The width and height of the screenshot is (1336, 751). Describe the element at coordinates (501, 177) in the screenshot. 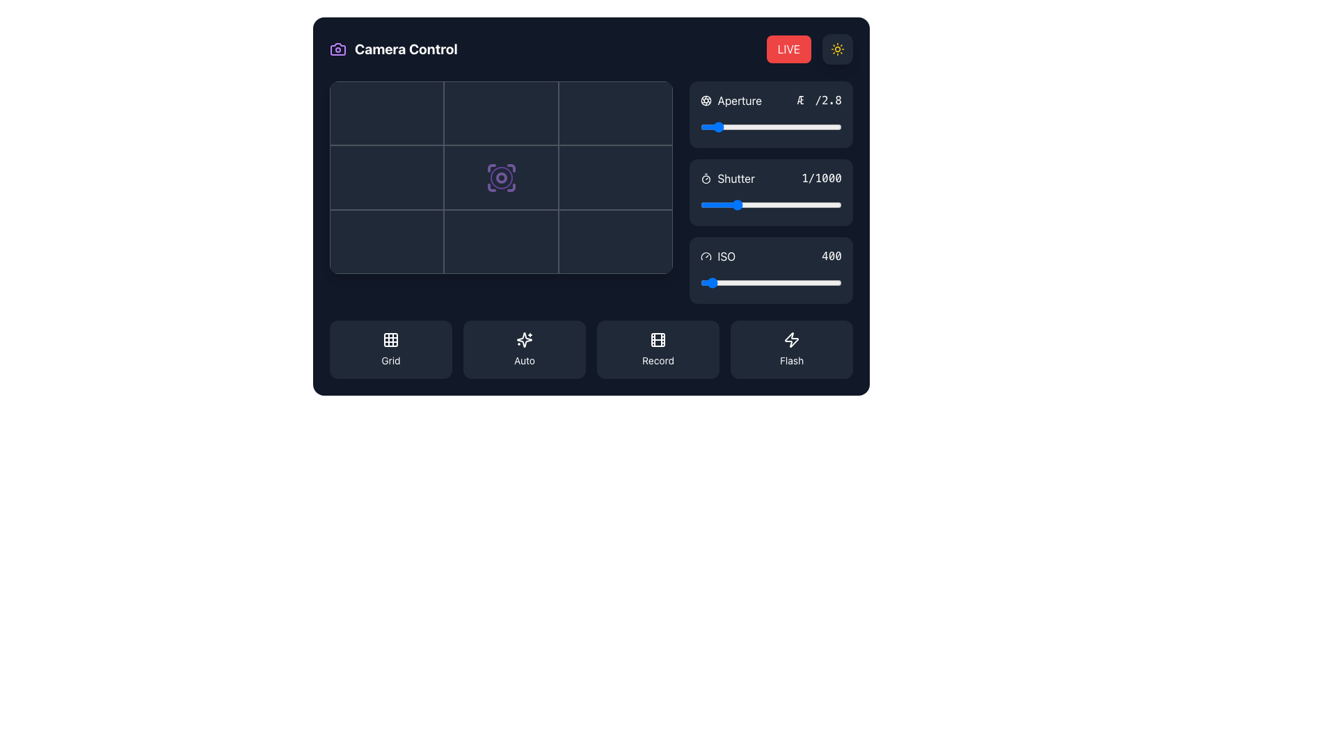

I see `the visual representation of the focus icon located centrally within the camera control interface, marking the active focus point of the grid` at that location.